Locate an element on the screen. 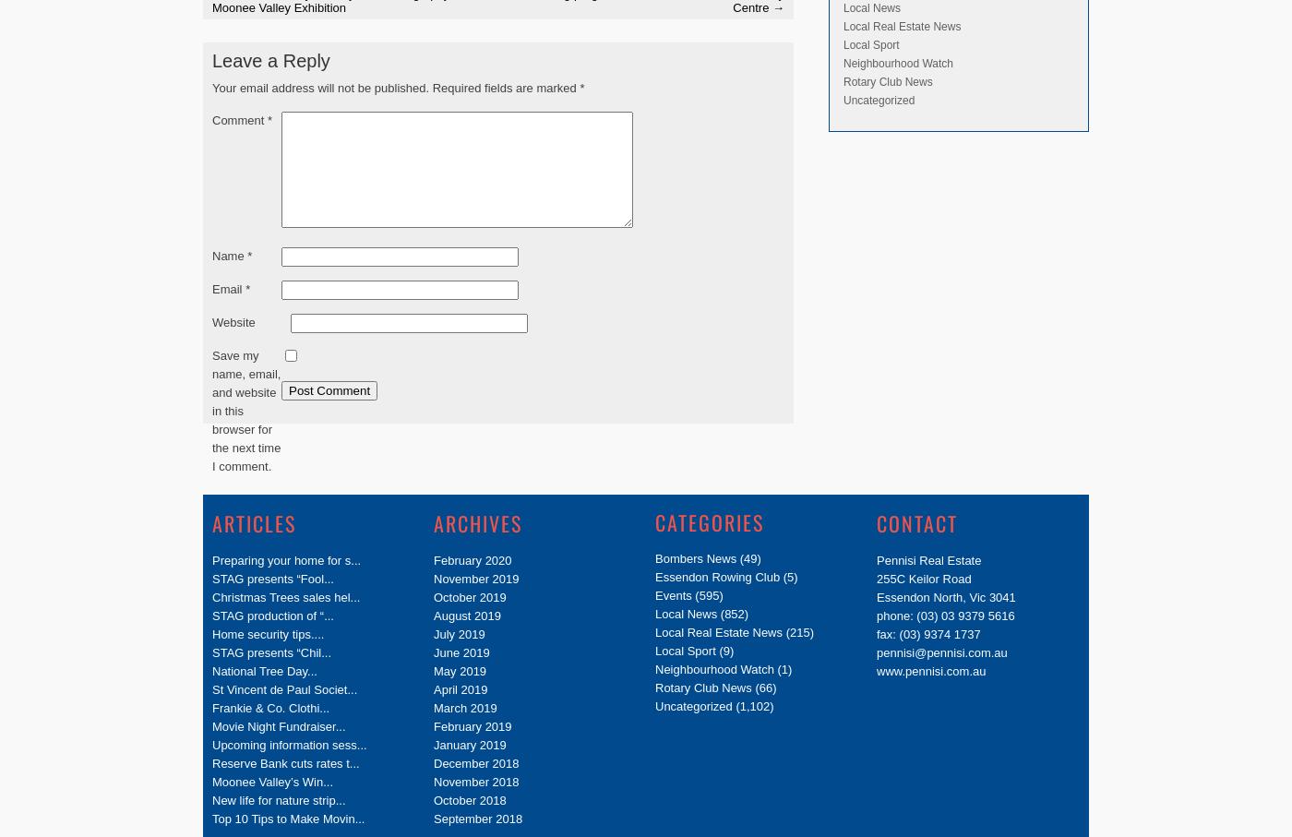 The width and height of the screenshot is (1292, 837). 'Rotary Club News' is located at coordinates (843, 79).